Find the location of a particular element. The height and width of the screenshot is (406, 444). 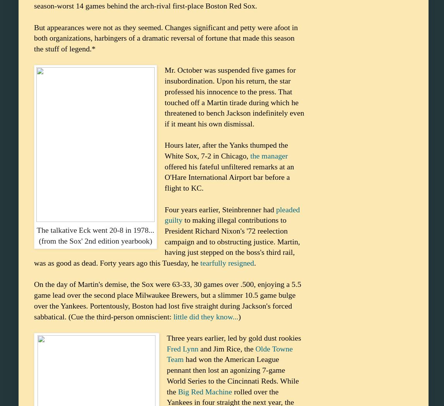

'But appearances were not as they seemed. Changes significant and petty were afoot in both organizations, harbingers of a dramatic reversal of fortune that made this season the stuff of legend.*' is located at coordinates (166, 38).